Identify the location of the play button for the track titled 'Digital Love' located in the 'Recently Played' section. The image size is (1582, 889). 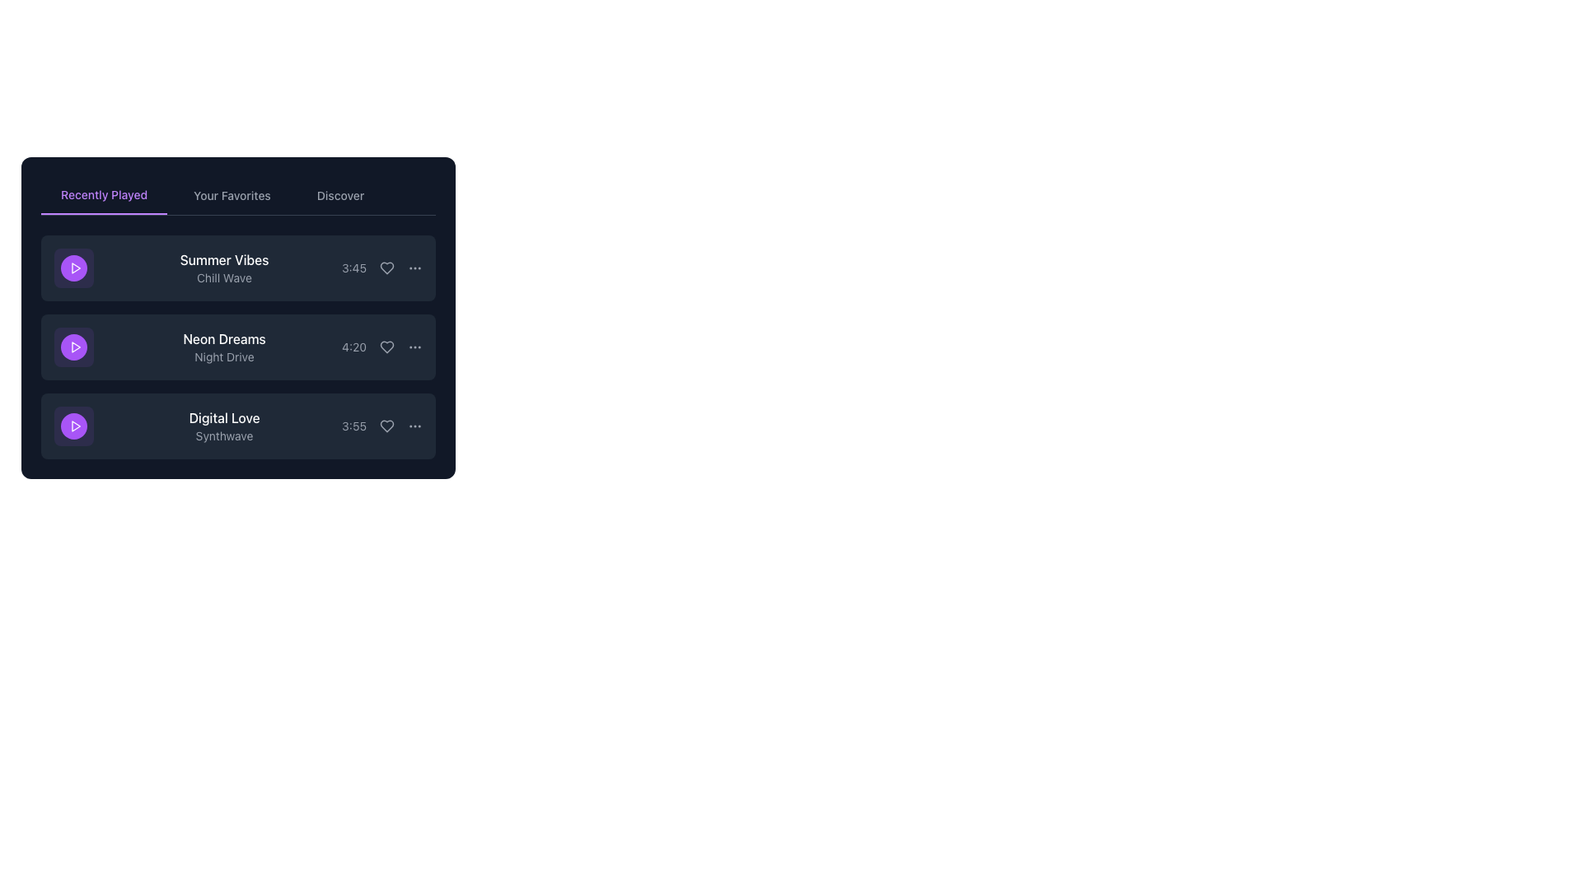
(73, 425).